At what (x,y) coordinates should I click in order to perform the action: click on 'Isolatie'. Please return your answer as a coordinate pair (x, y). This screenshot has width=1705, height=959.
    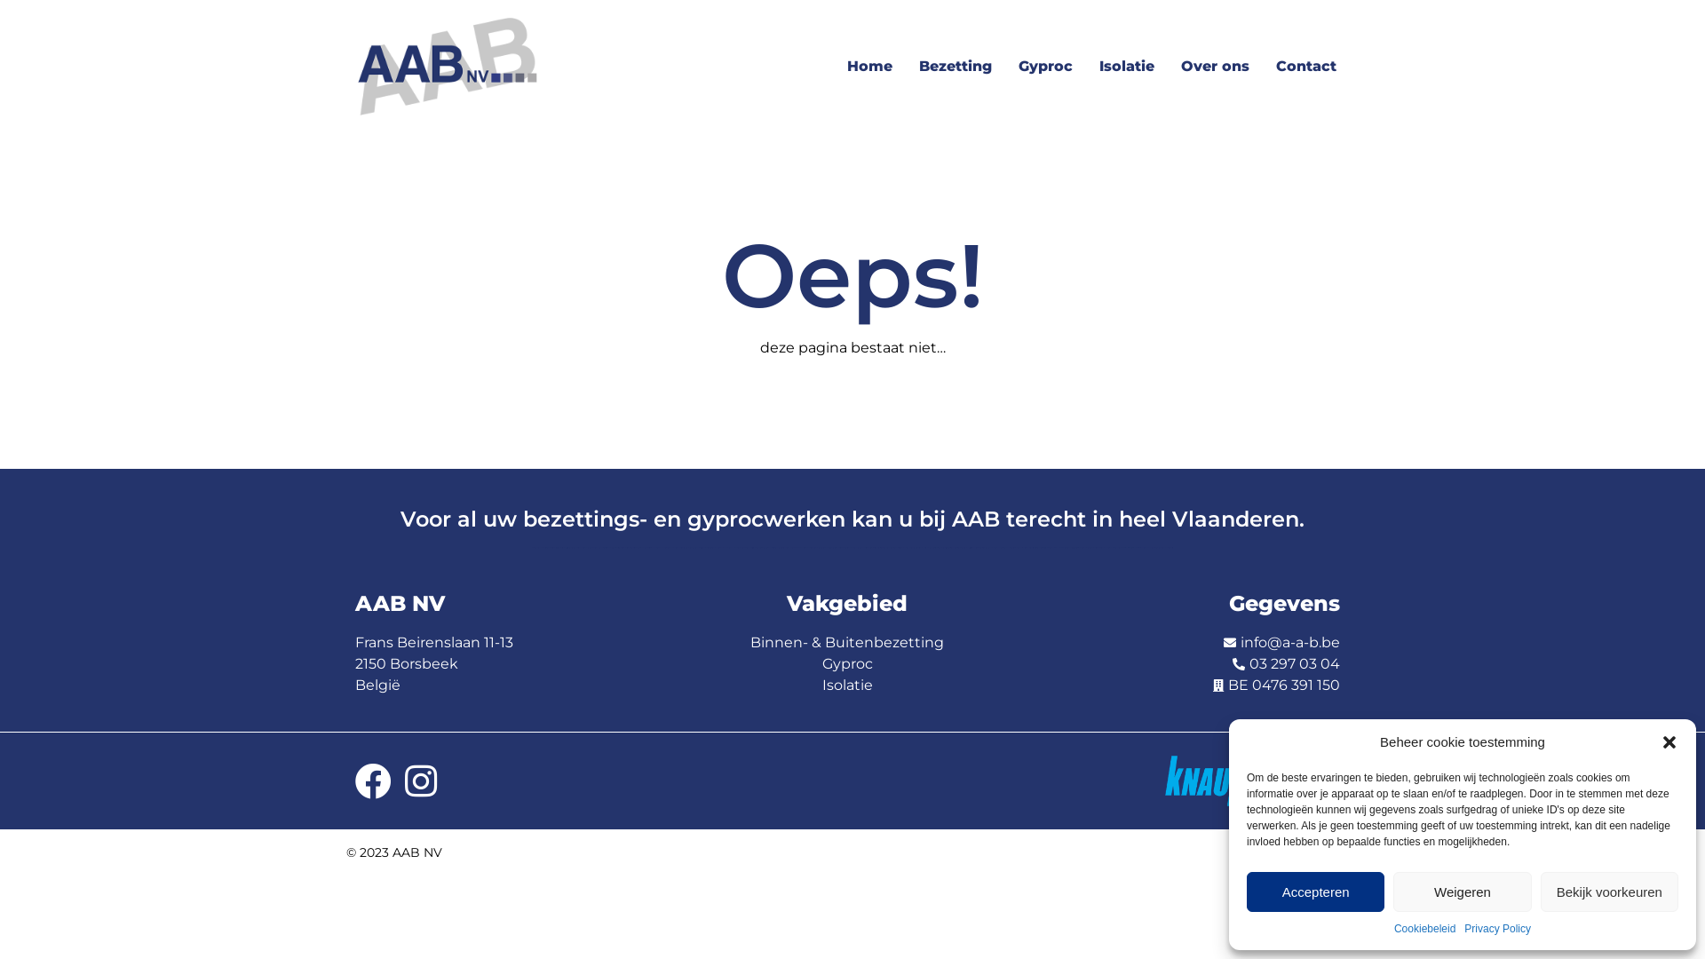
    Looking at the image, I should click on (1125, 65).